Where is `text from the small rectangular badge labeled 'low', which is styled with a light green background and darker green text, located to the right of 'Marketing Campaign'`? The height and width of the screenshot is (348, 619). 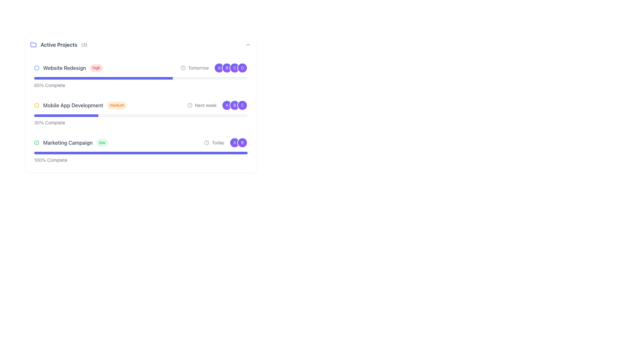 text from the small rectangular badge labeled 'low', which is styled with a light green background and darker green text, located to the right of 'Marketing Campaign' is located at coordinates (102, 142).